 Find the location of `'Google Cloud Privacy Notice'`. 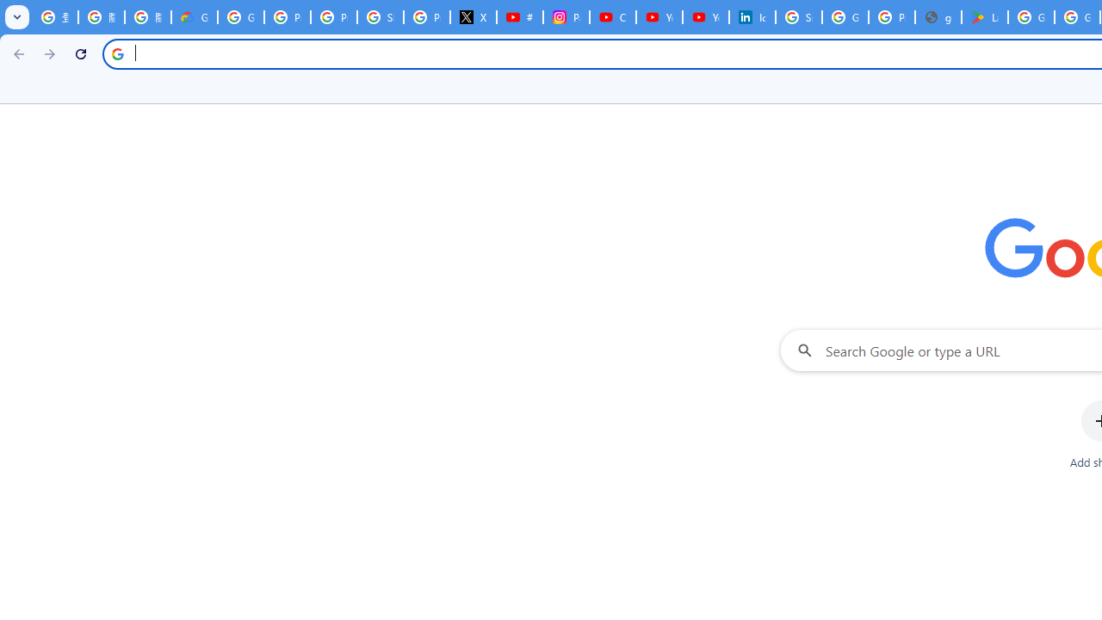

'Google Cloud Privacy Notice' is located at coordinates (194, 17).